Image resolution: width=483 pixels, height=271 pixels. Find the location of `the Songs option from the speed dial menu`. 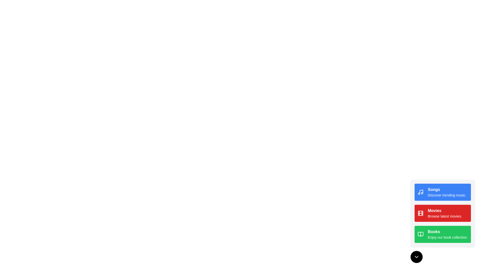

the Songs option from the speed dial menu is located at coordinates (443, 192).